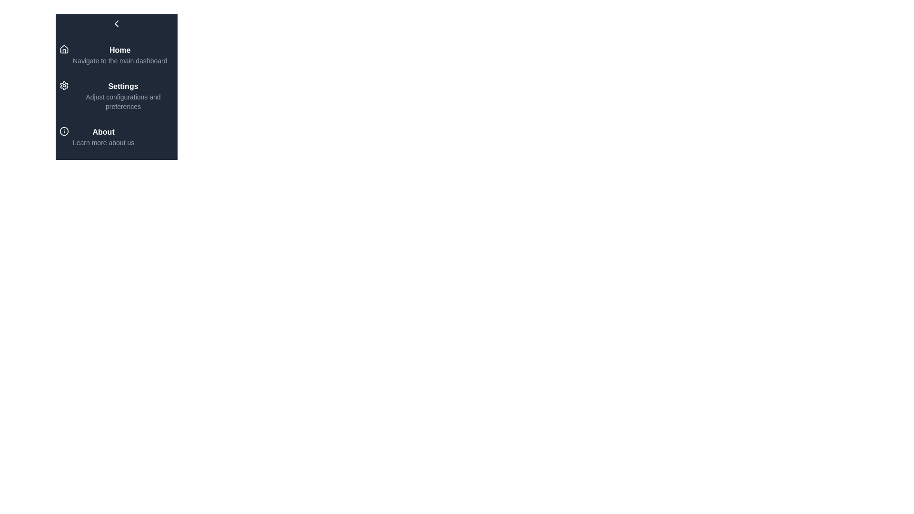 This screenshot has height=514, width=914. Describe the element at coordinates (63, 86) in the screenshot. I see `the icon corresponding to Settings in the SidebarMenu` at that location.